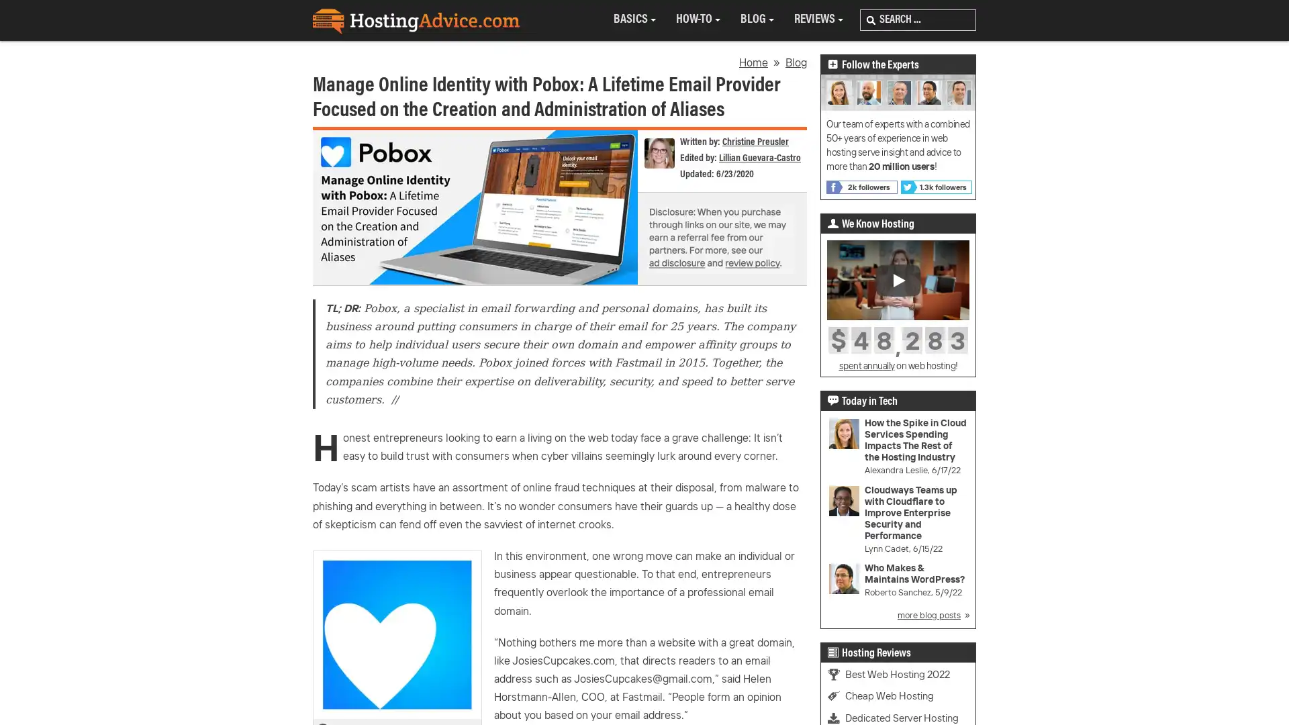 Image resolution: width=1289 pixels, height=725 pixels. What do you see at coordinates (871, 20) in the screenshot?
I see `Search` at bounding box center [871, 20].